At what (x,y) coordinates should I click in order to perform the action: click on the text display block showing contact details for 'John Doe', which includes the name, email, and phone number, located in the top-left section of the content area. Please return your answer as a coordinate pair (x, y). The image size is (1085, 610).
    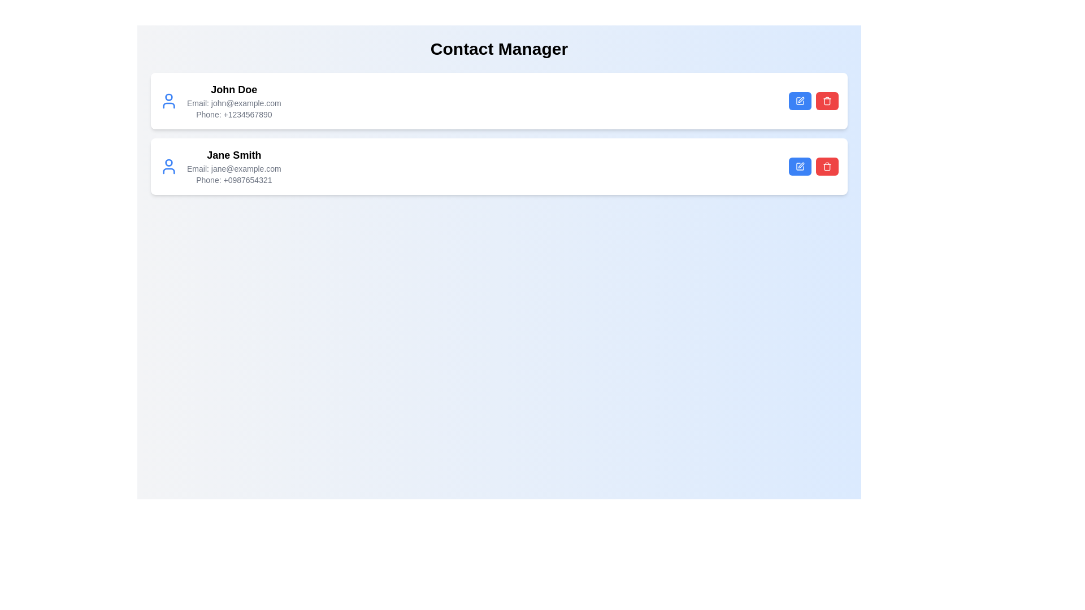
    Looking at the image, I should click on (233, 100).